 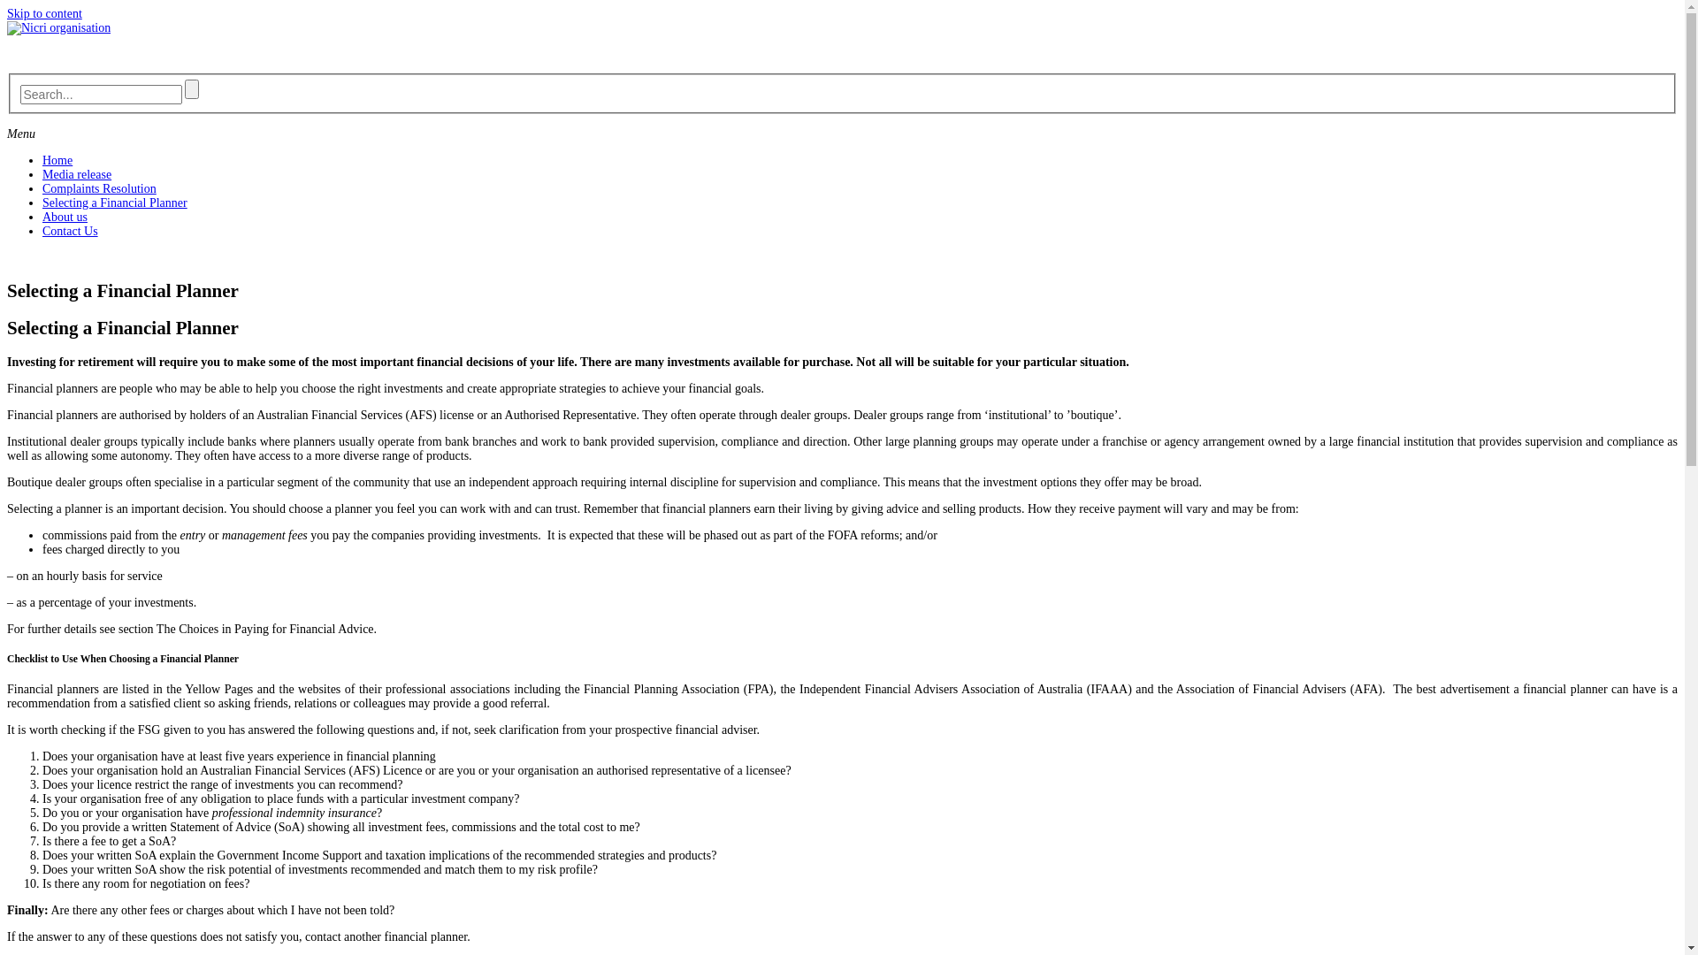 I want to click on 'Home', so click(x=57, y=160).